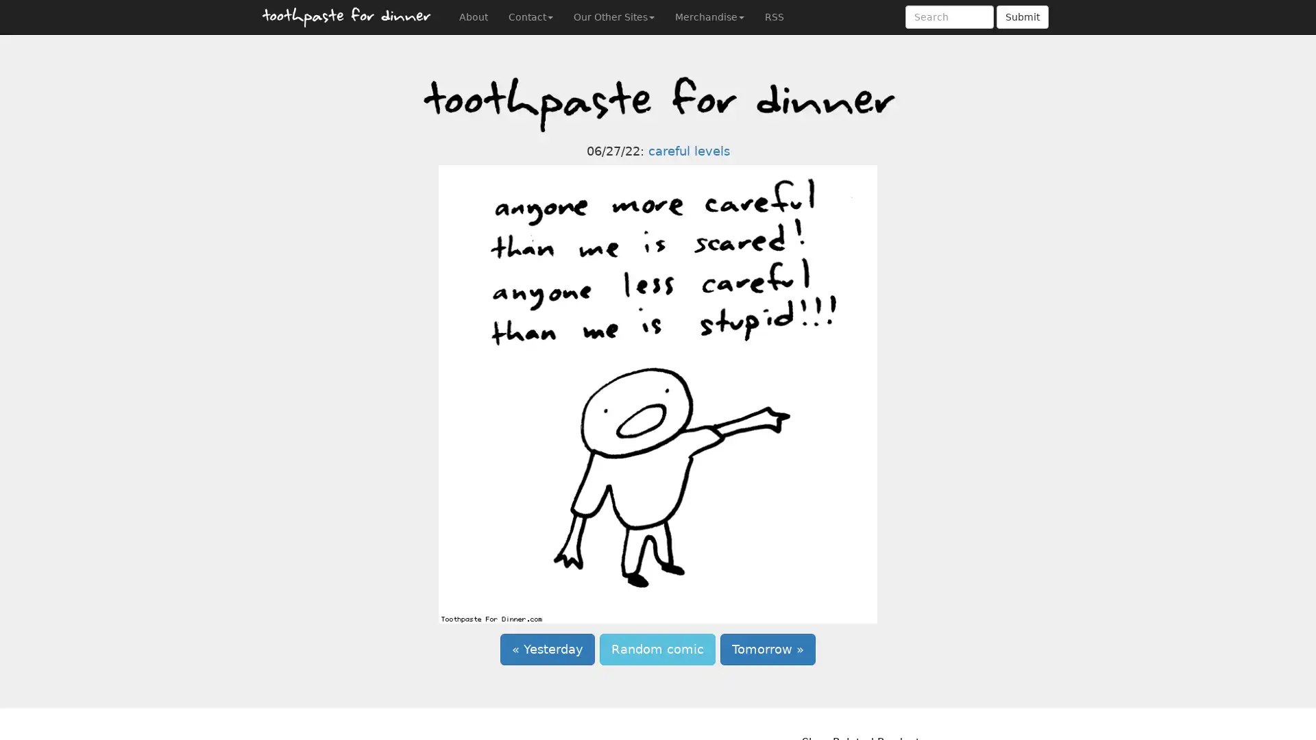 The image size is (1316, 740). Describe the element at coordinates (1023, 16) in the screenshot. I see `Submit` at that location.